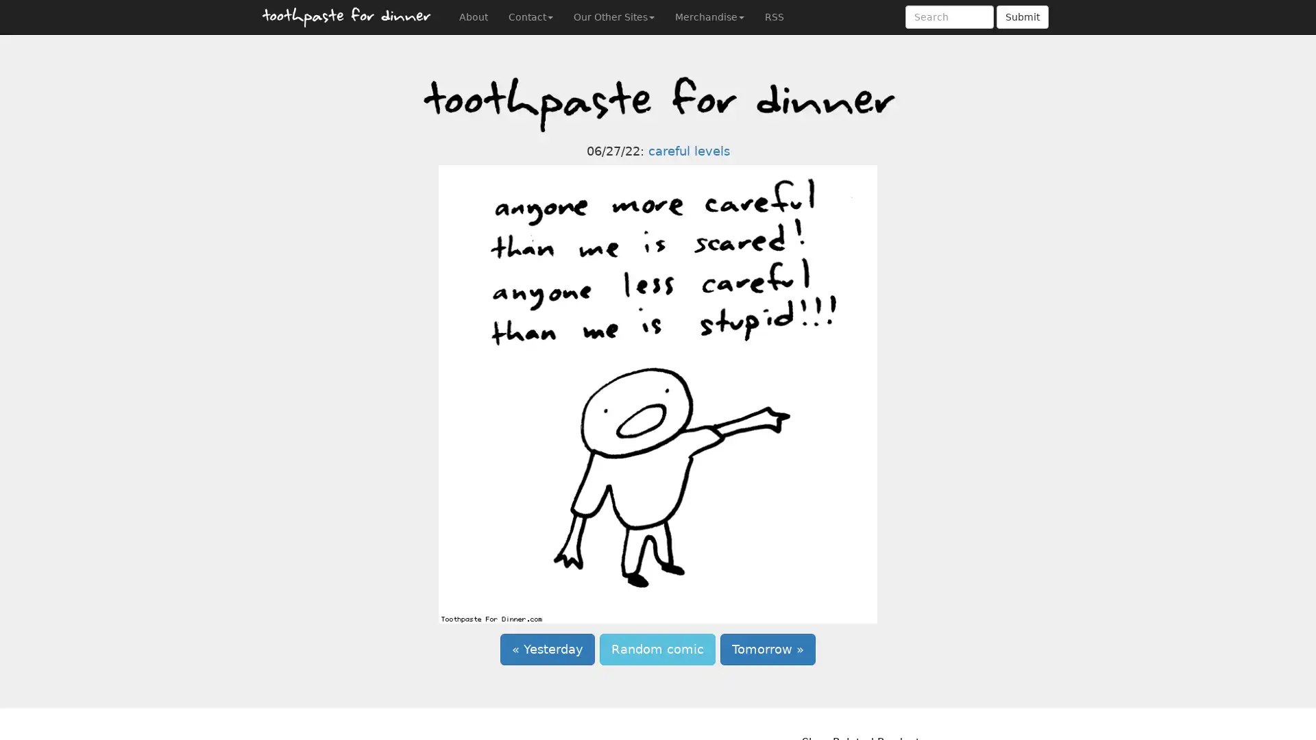 The image size is (1316, 740). Describe the element at coordinates (1023, 16) in the screenshot. I see `Submit` at that location.